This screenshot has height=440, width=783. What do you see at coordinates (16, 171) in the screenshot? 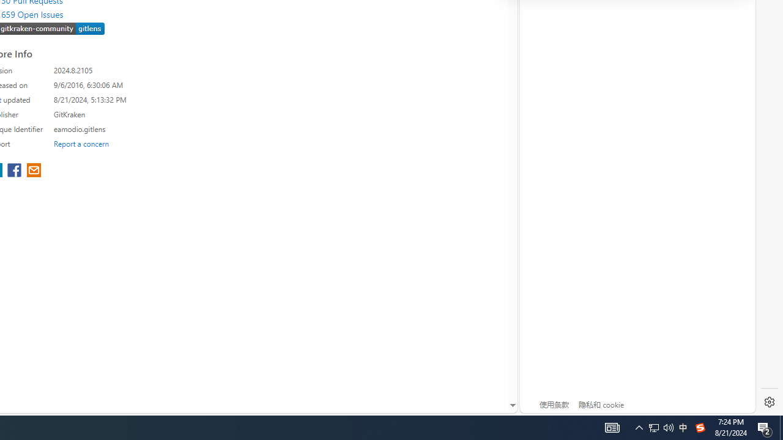
I see `'share extension on facebook'` at bounding box center [16, 171].